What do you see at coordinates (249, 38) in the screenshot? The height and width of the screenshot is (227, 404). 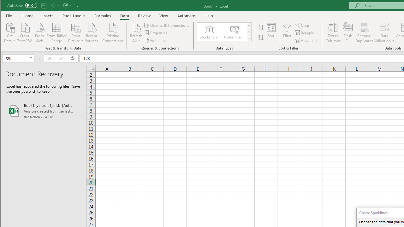 I see `'Class: NetUIImage'` at bounding box center [249, 38].